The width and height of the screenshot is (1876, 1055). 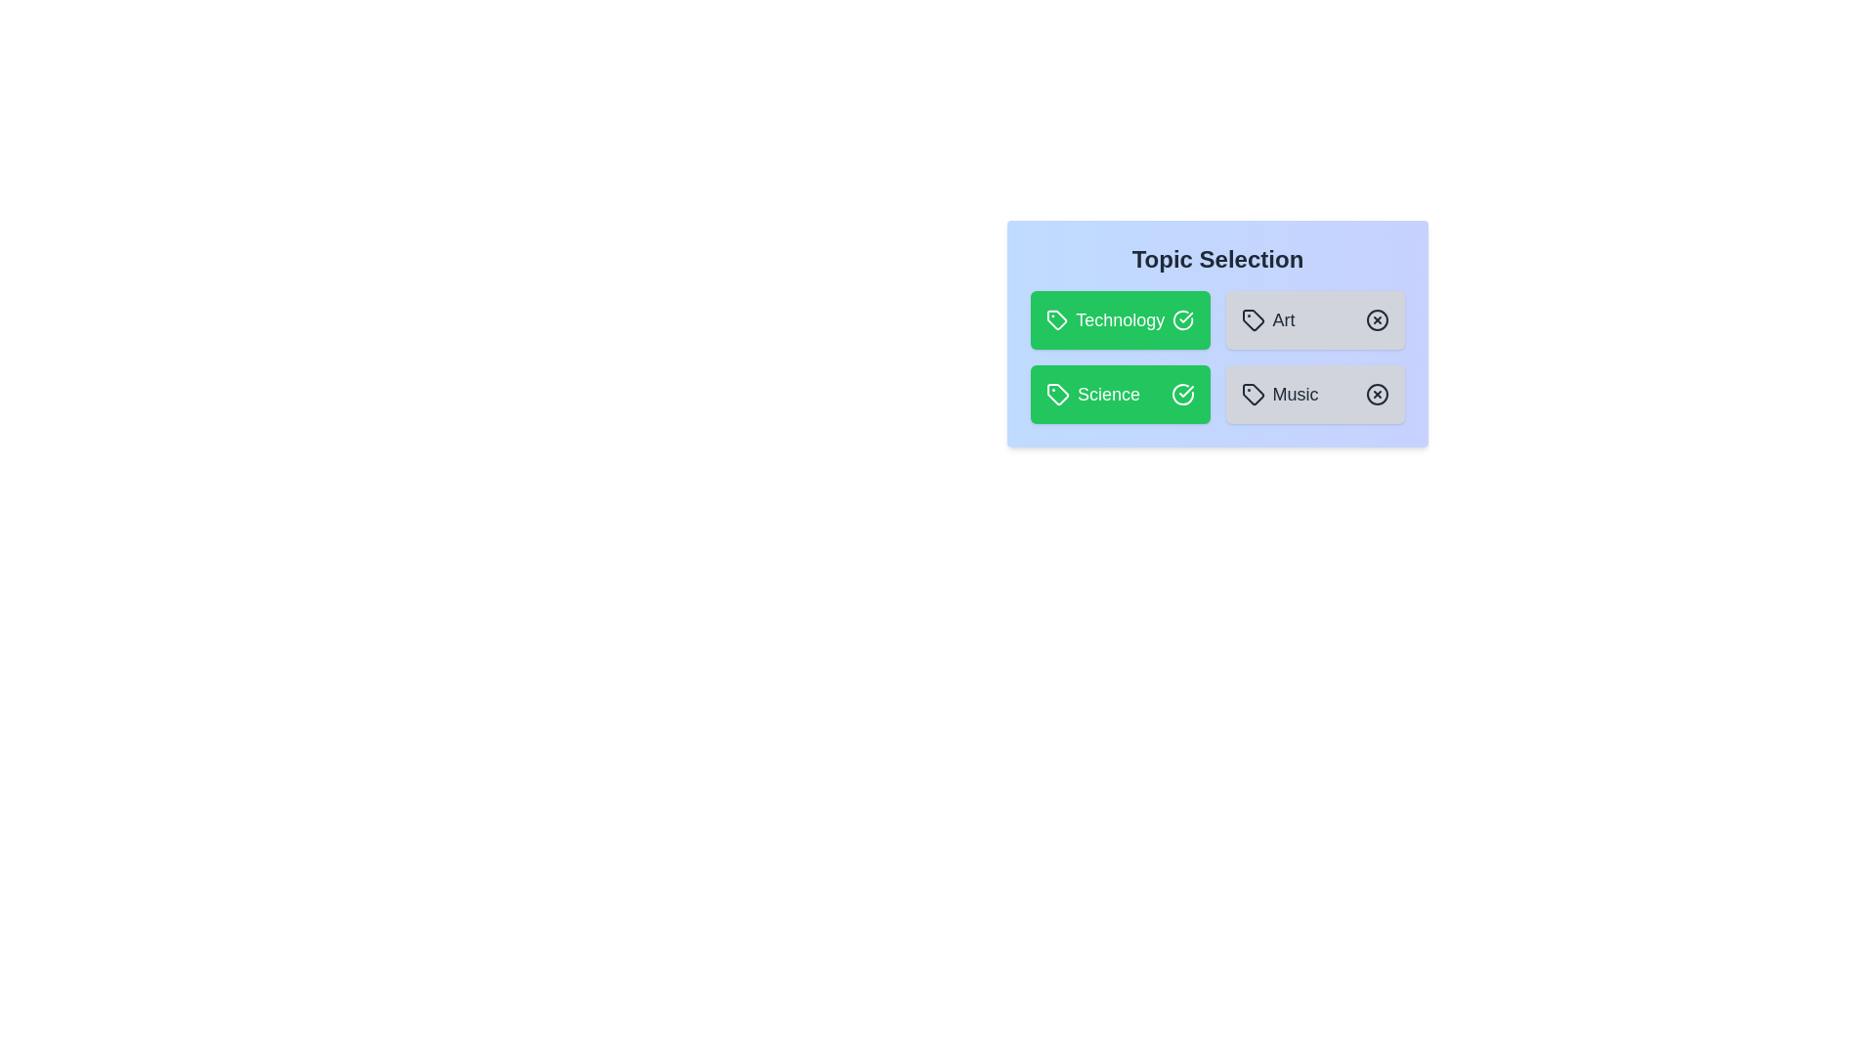 What do you see at coordinates (1120, 318) in the screenshot?
I see `the topic Technology` at bounding box center [1120, 318].